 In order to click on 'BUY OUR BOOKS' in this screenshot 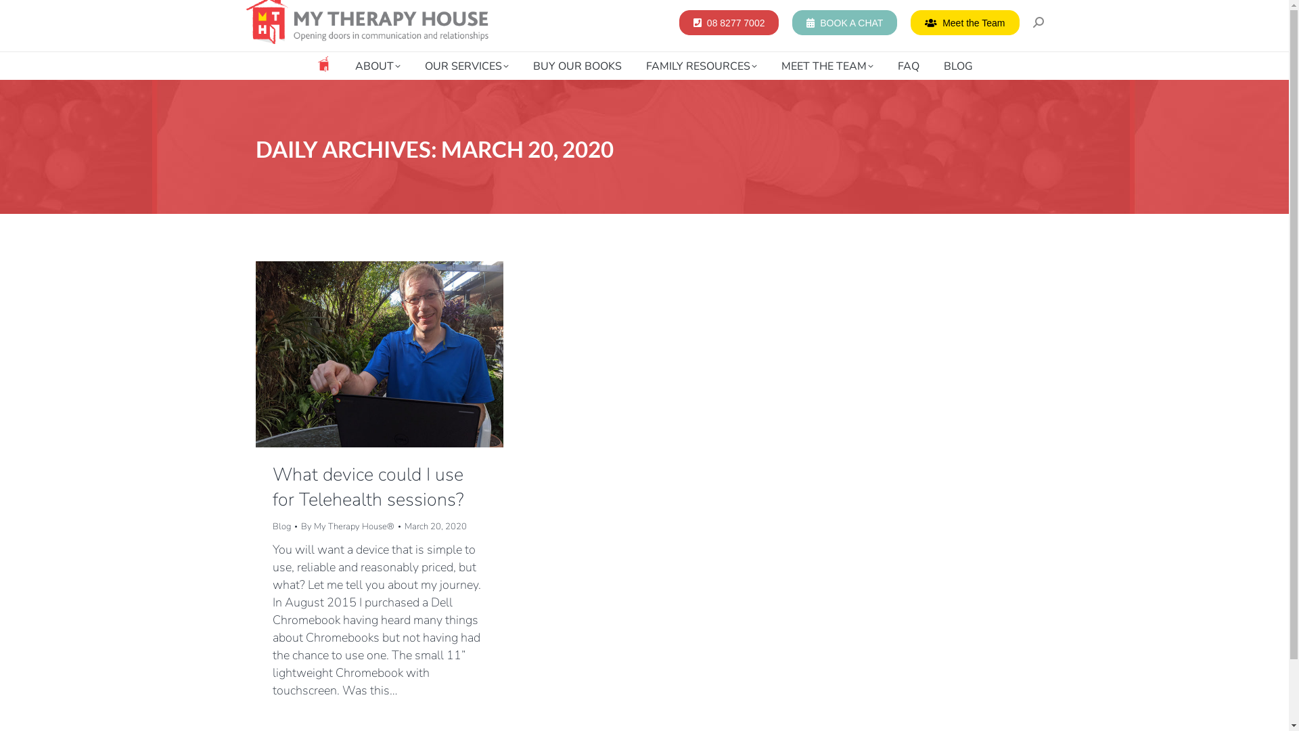, I will do `click(577, 66)`.